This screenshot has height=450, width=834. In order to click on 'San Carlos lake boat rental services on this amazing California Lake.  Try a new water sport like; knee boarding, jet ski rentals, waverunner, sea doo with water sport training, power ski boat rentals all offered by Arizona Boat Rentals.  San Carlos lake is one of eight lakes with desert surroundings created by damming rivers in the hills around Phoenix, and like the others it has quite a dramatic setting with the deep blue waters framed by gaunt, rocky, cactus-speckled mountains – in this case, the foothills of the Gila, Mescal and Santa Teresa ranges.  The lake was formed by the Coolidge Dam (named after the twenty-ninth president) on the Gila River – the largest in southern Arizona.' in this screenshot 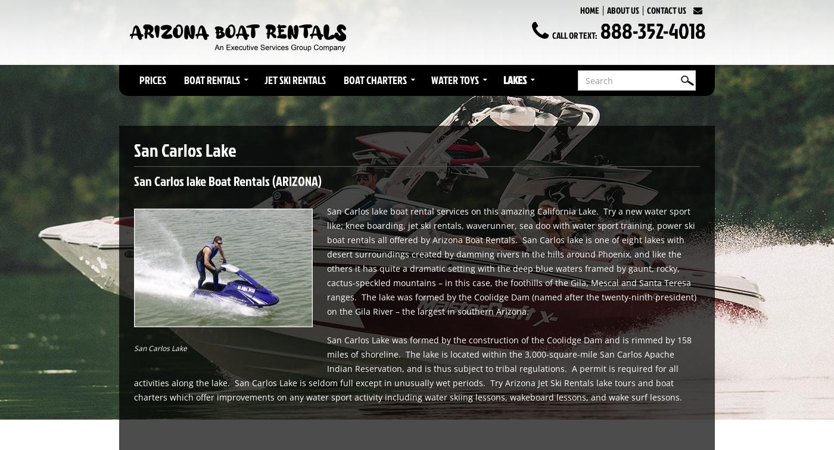, I will do `click(512, 260)`.